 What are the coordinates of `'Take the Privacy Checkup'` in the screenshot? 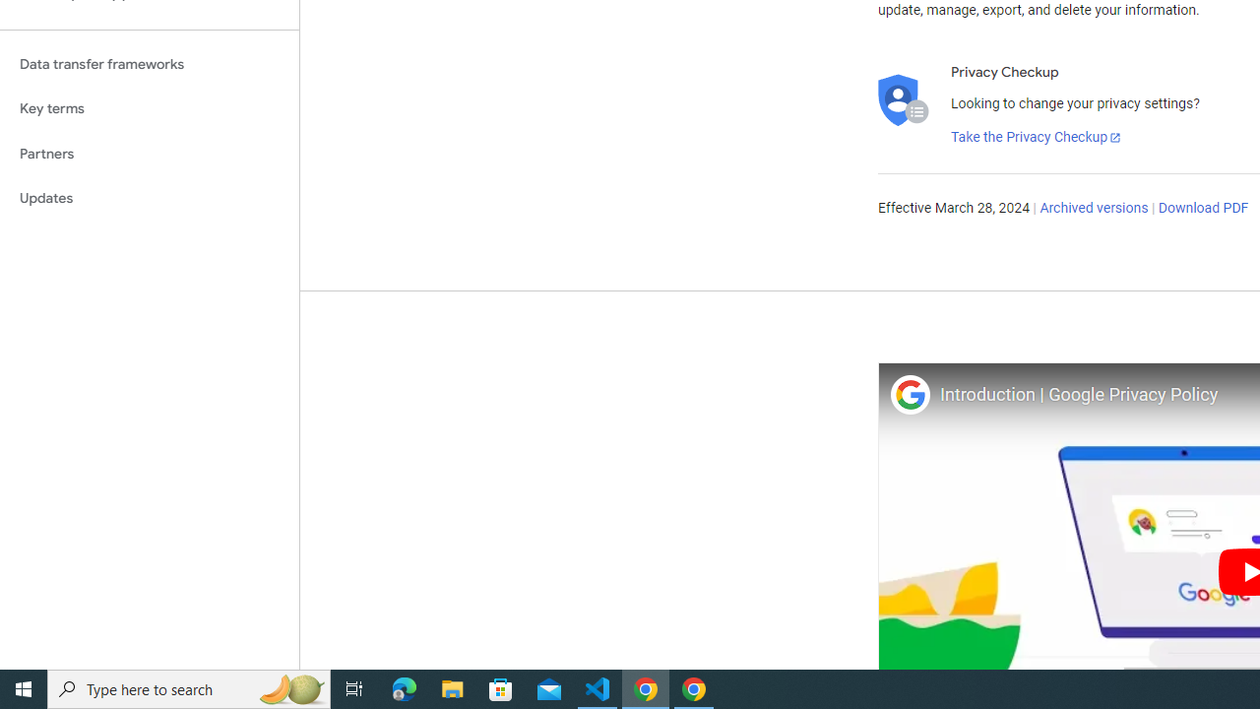 It's located at (1036, 137).